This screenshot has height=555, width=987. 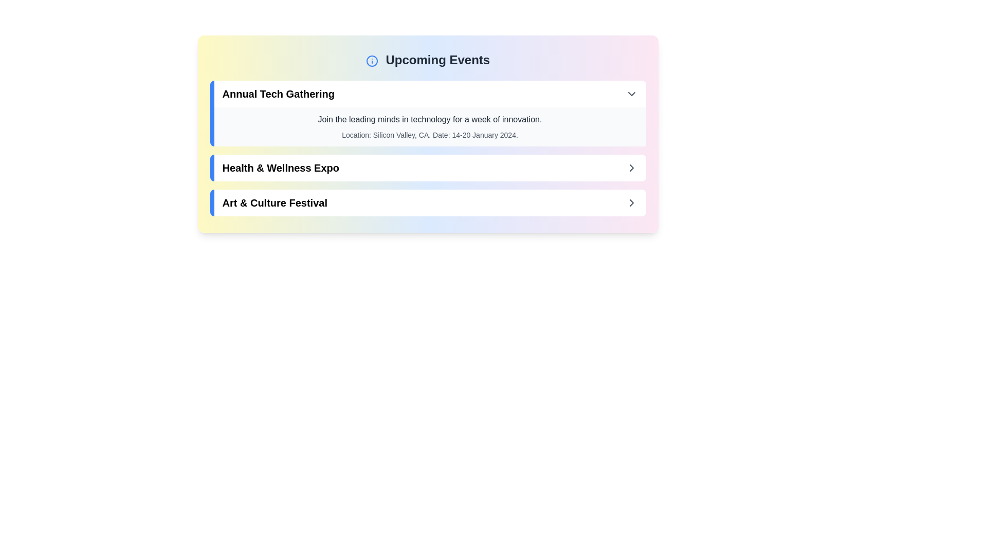 I want to click on text content displayed in a smaller, gray font below the title and description of the 'Annual Tech Gathering' section, which states 'Location: Silicon Valley, CA. Date: 14-20 January 2024.', so click(x=430, y=134).